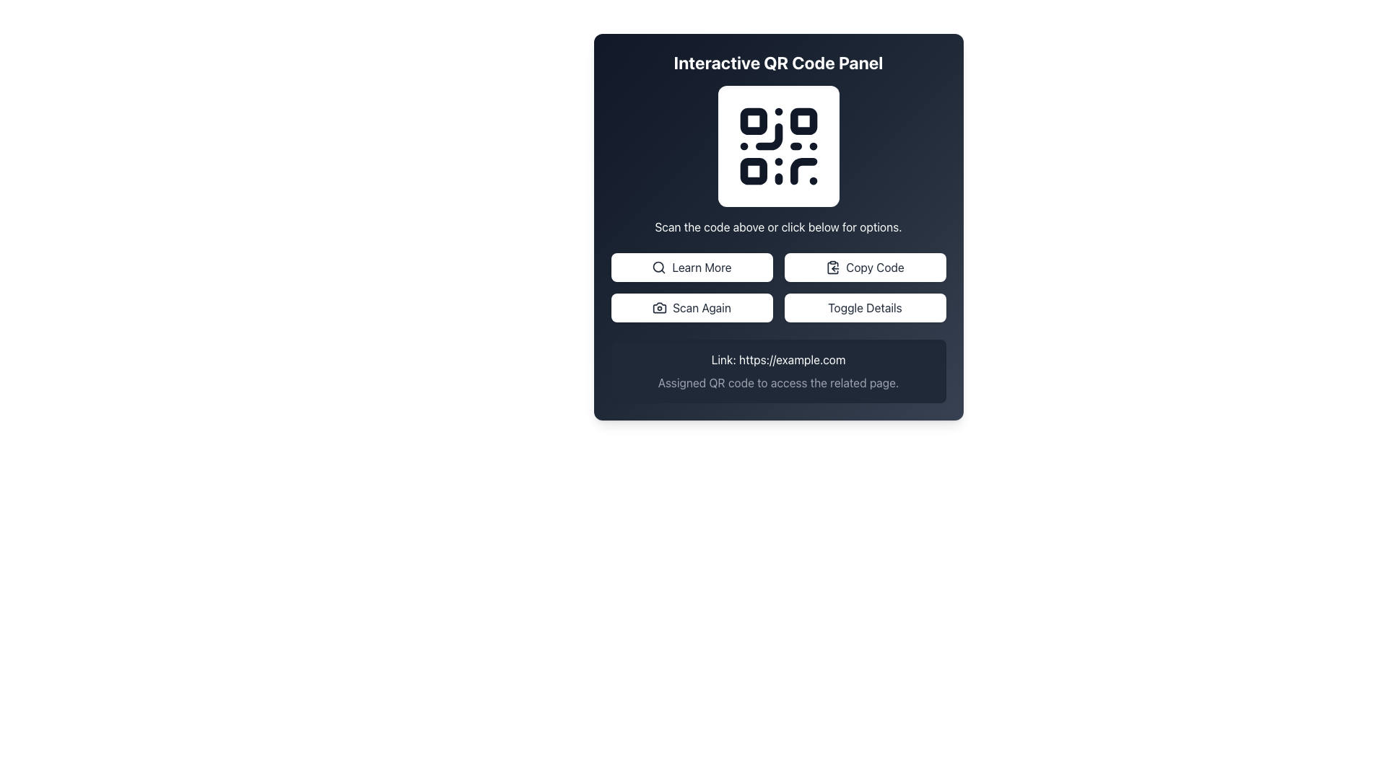 The image size is (1386, 779). Describe the element at coordinates (691, 267) in the screenshot. I see `the 'Learn More' button located in the first row and first column of the grid layout to activate hover effects` at that location.